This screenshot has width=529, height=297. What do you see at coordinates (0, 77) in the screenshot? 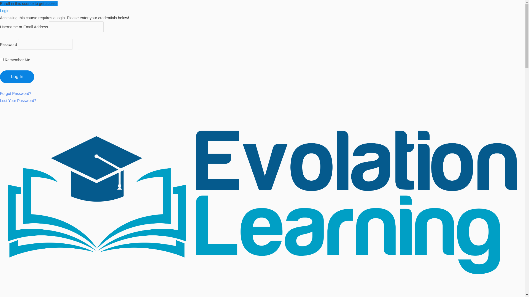
I see `'Log In'` at bounding box center [0, 77].